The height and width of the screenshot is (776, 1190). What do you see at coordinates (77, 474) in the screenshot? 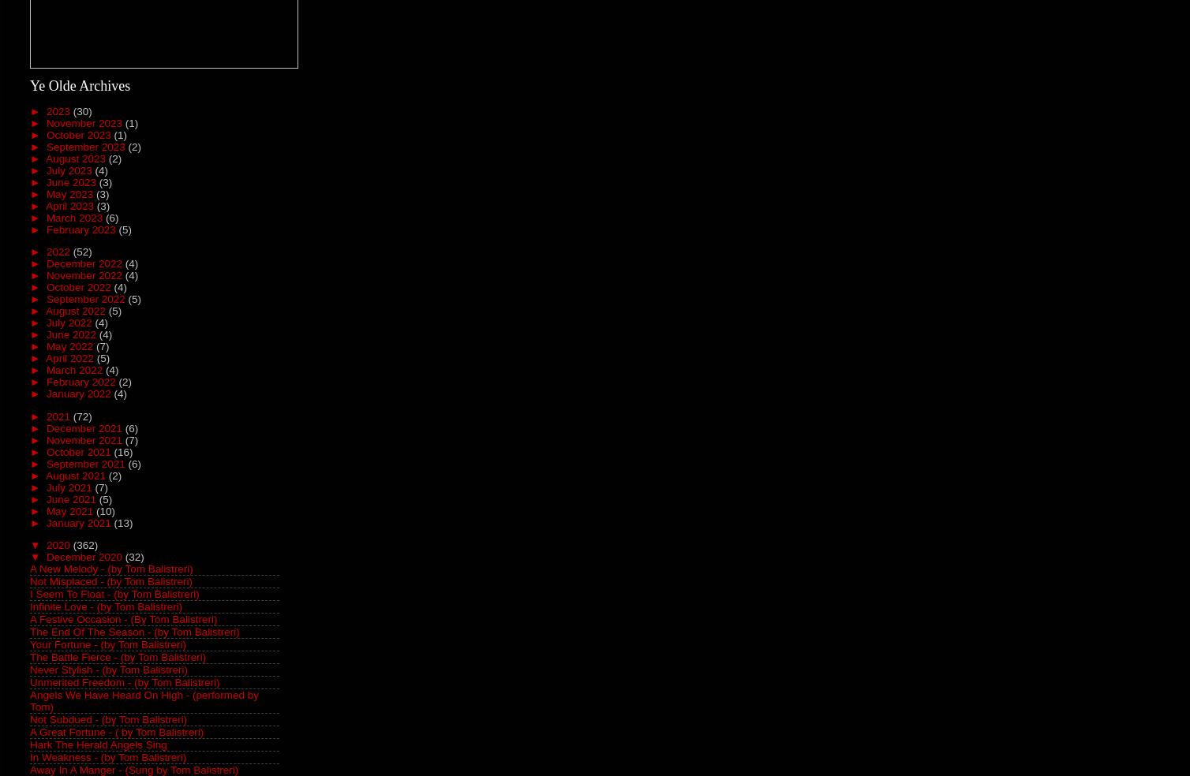
I see `'August 2021'` at bounding box center [77, 474].